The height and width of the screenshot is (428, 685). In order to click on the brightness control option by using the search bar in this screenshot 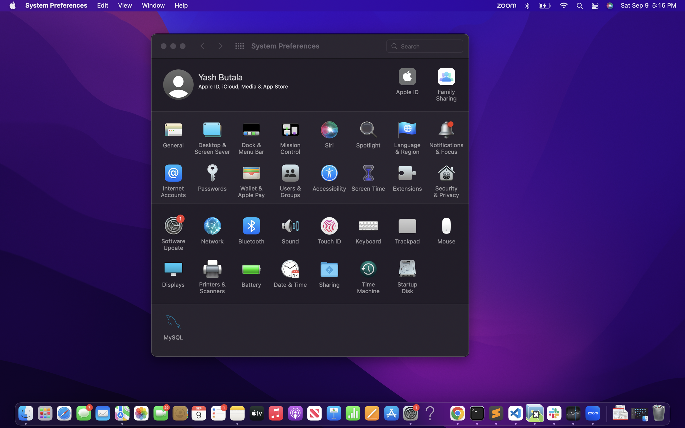, I will do `click(425, 45)`.